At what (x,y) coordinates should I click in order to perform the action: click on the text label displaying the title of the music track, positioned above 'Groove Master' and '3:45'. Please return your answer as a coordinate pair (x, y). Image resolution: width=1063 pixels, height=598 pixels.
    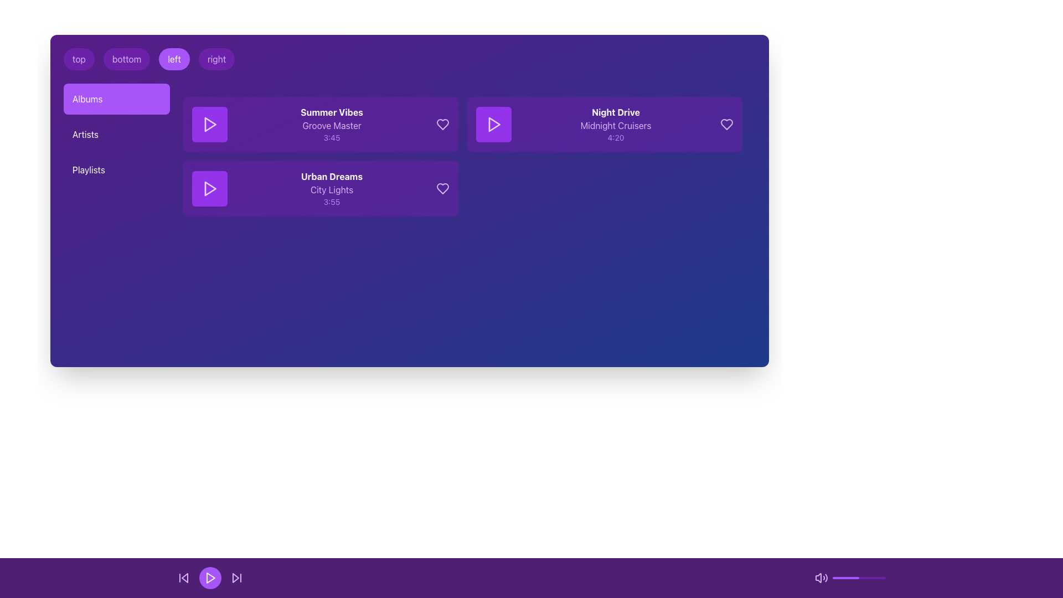
    Looking at the image, I should click on (331, 112).